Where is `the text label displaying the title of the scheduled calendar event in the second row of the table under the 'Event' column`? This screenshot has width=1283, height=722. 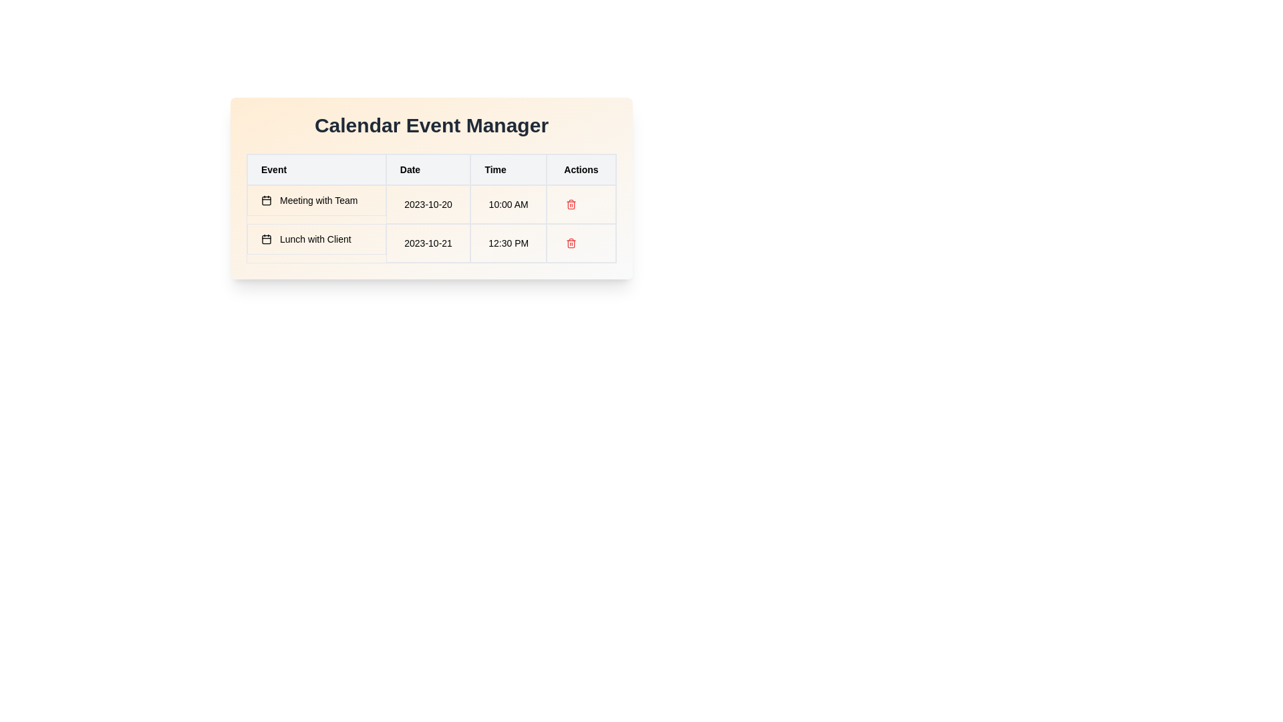
the text label displaying the title of the scheduled calendar event in the second row of the table under the 'Event' column is located at coordinates (315, 239).